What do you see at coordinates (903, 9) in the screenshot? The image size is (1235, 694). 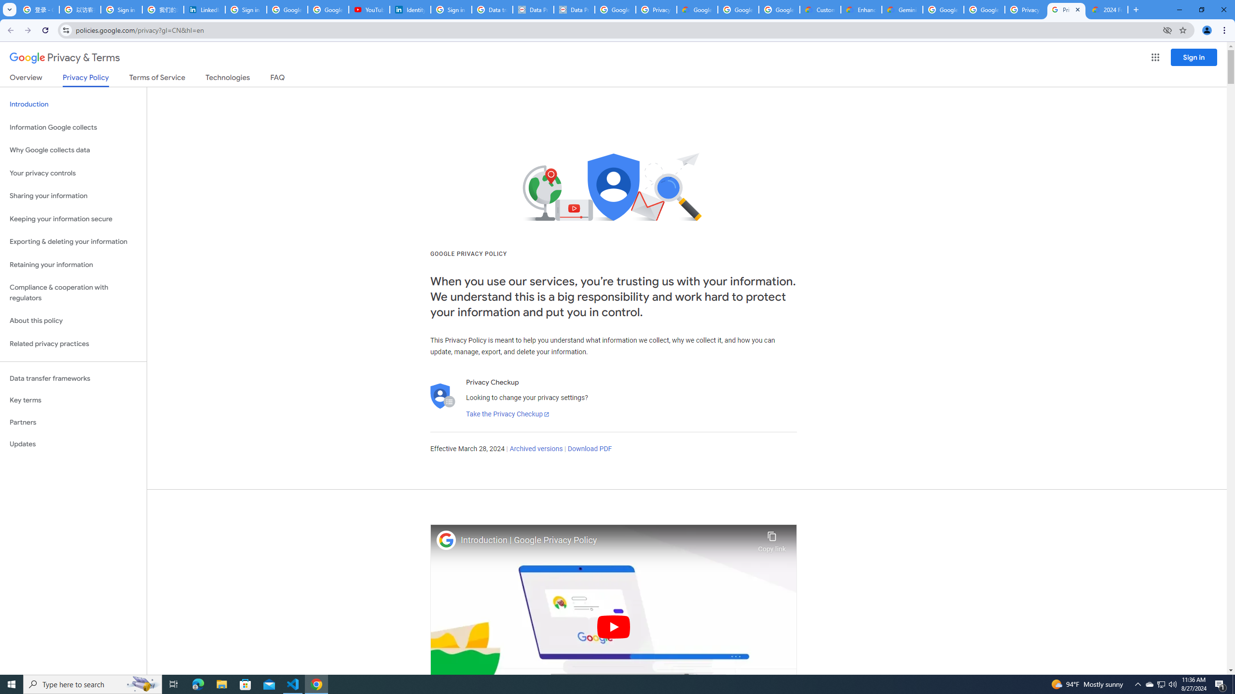 I see `'Gemini for Business and Developers | Google Cloud'` at bounding box center [903, 9].